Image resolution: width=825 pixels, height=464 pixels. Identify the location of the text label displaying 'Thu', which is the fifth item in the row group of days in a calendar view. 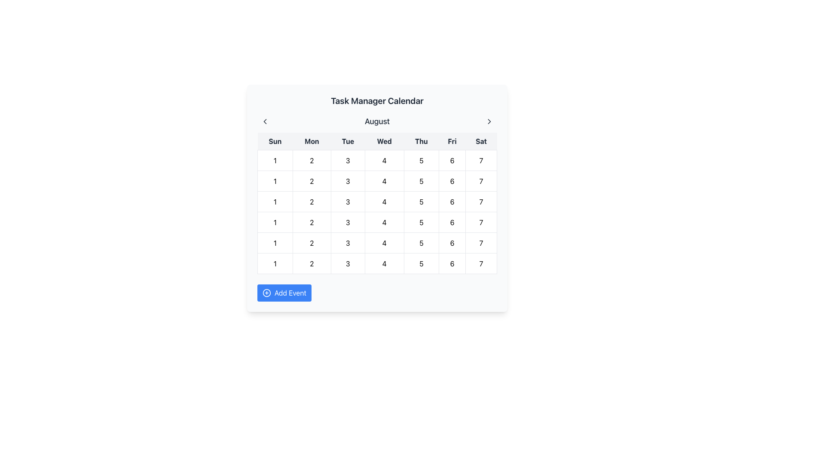
(421, 141).